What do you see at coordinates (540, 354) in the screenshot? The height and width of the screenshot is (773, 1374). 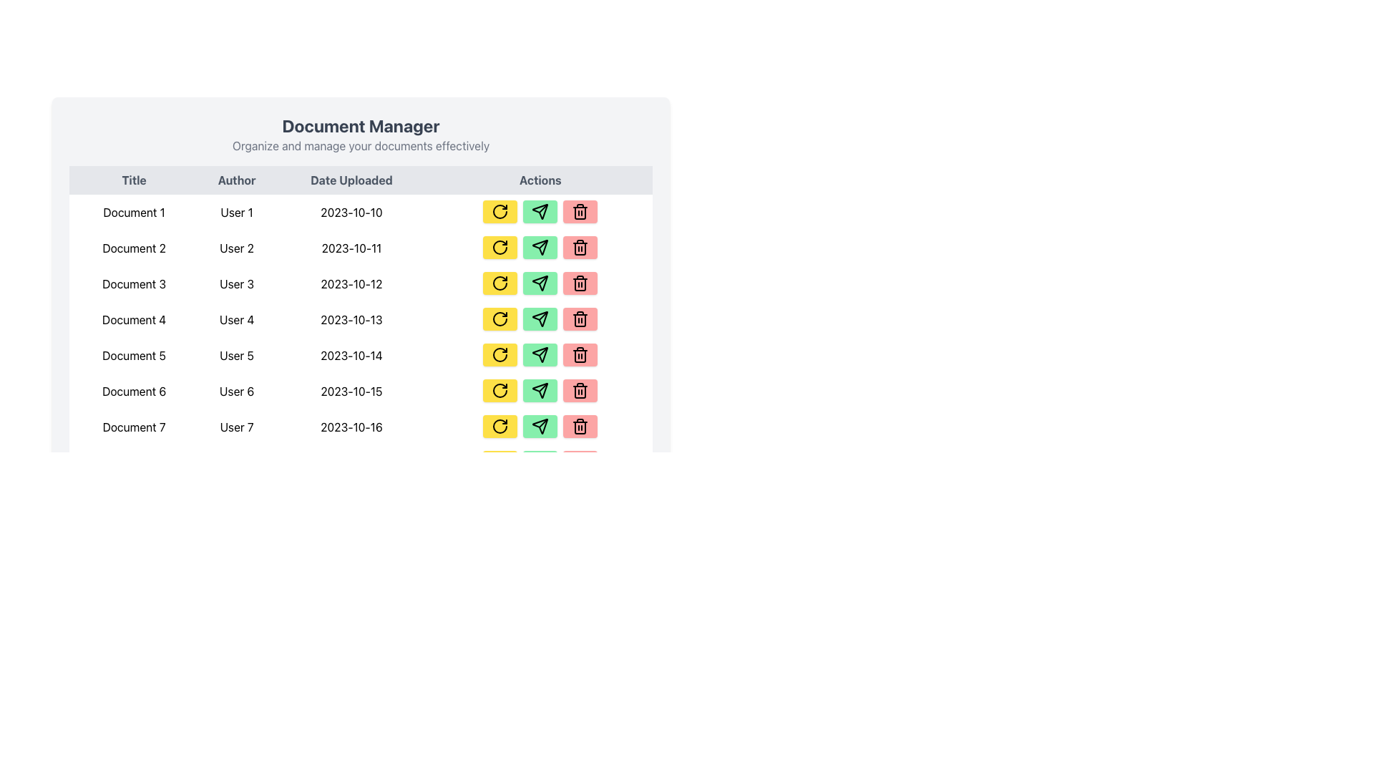 I see `the 'Send' button in the 'Actions' column of the table for the document uploaded on 2023-10-14` at bounding box center [540, 354].